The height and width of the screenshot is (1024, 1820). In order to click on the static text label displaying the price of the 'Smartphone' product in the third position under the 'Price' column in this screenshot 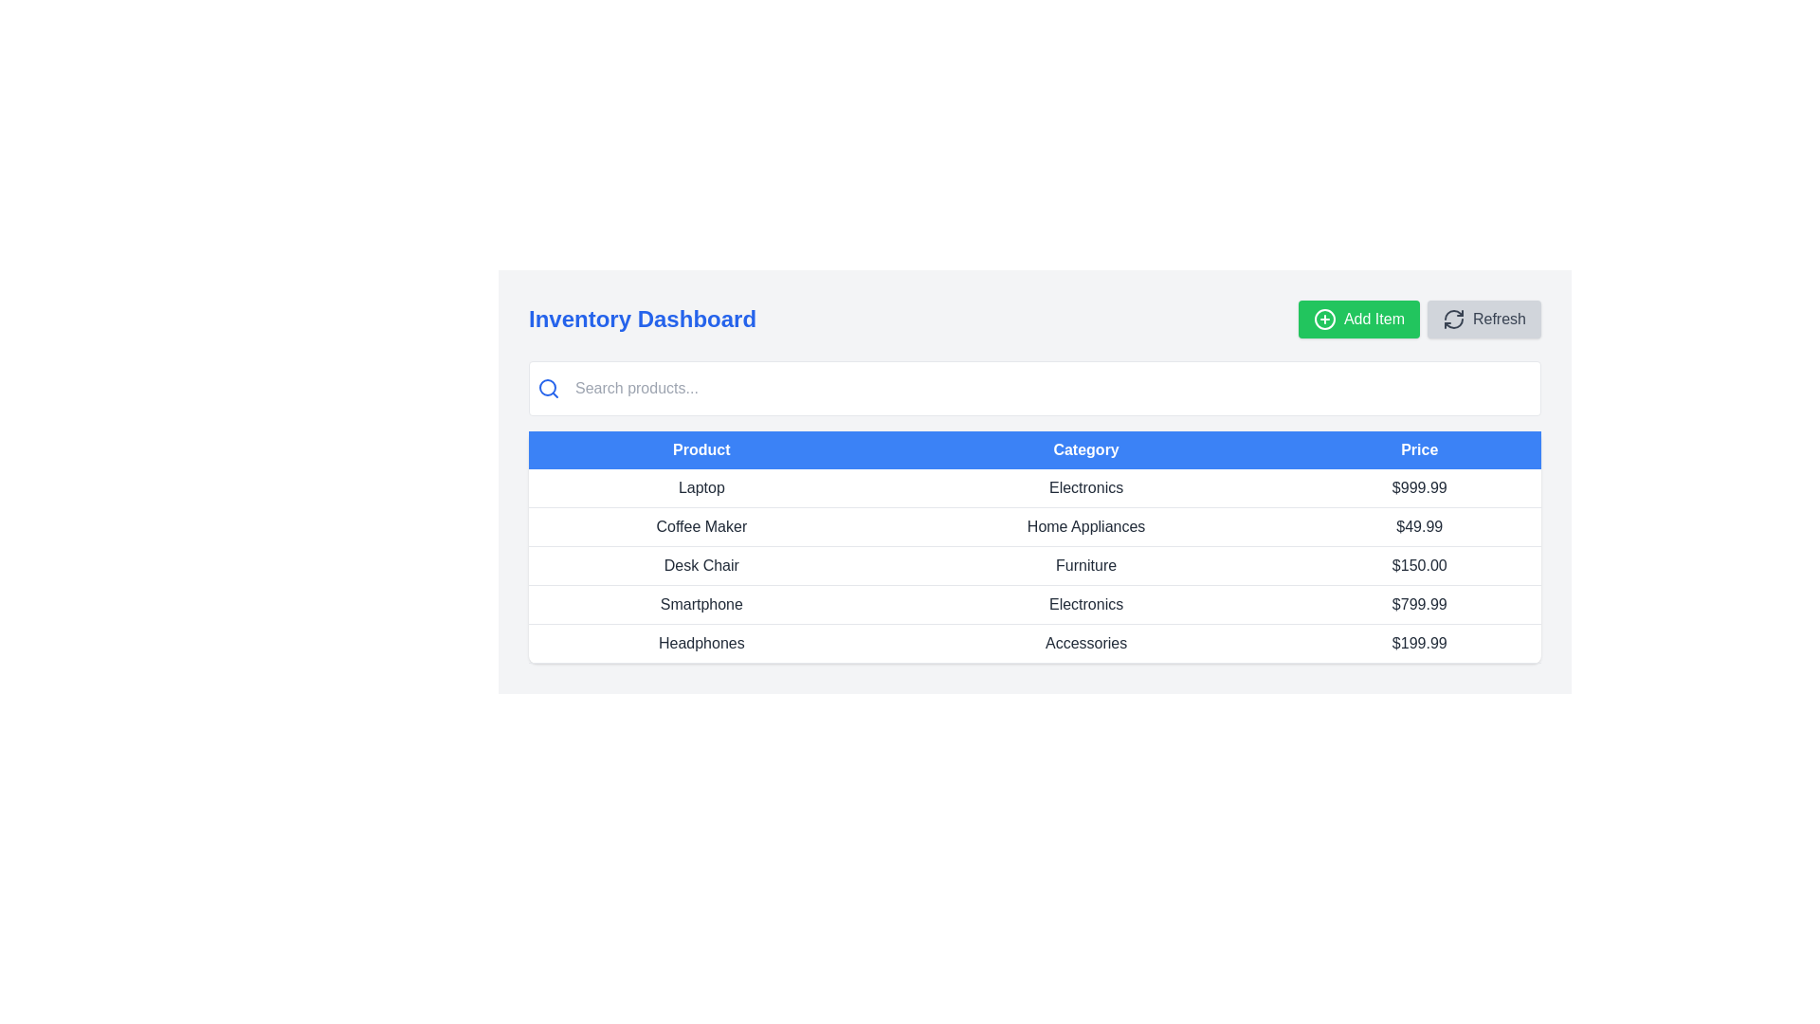, I will do `click(1419, 604)`.